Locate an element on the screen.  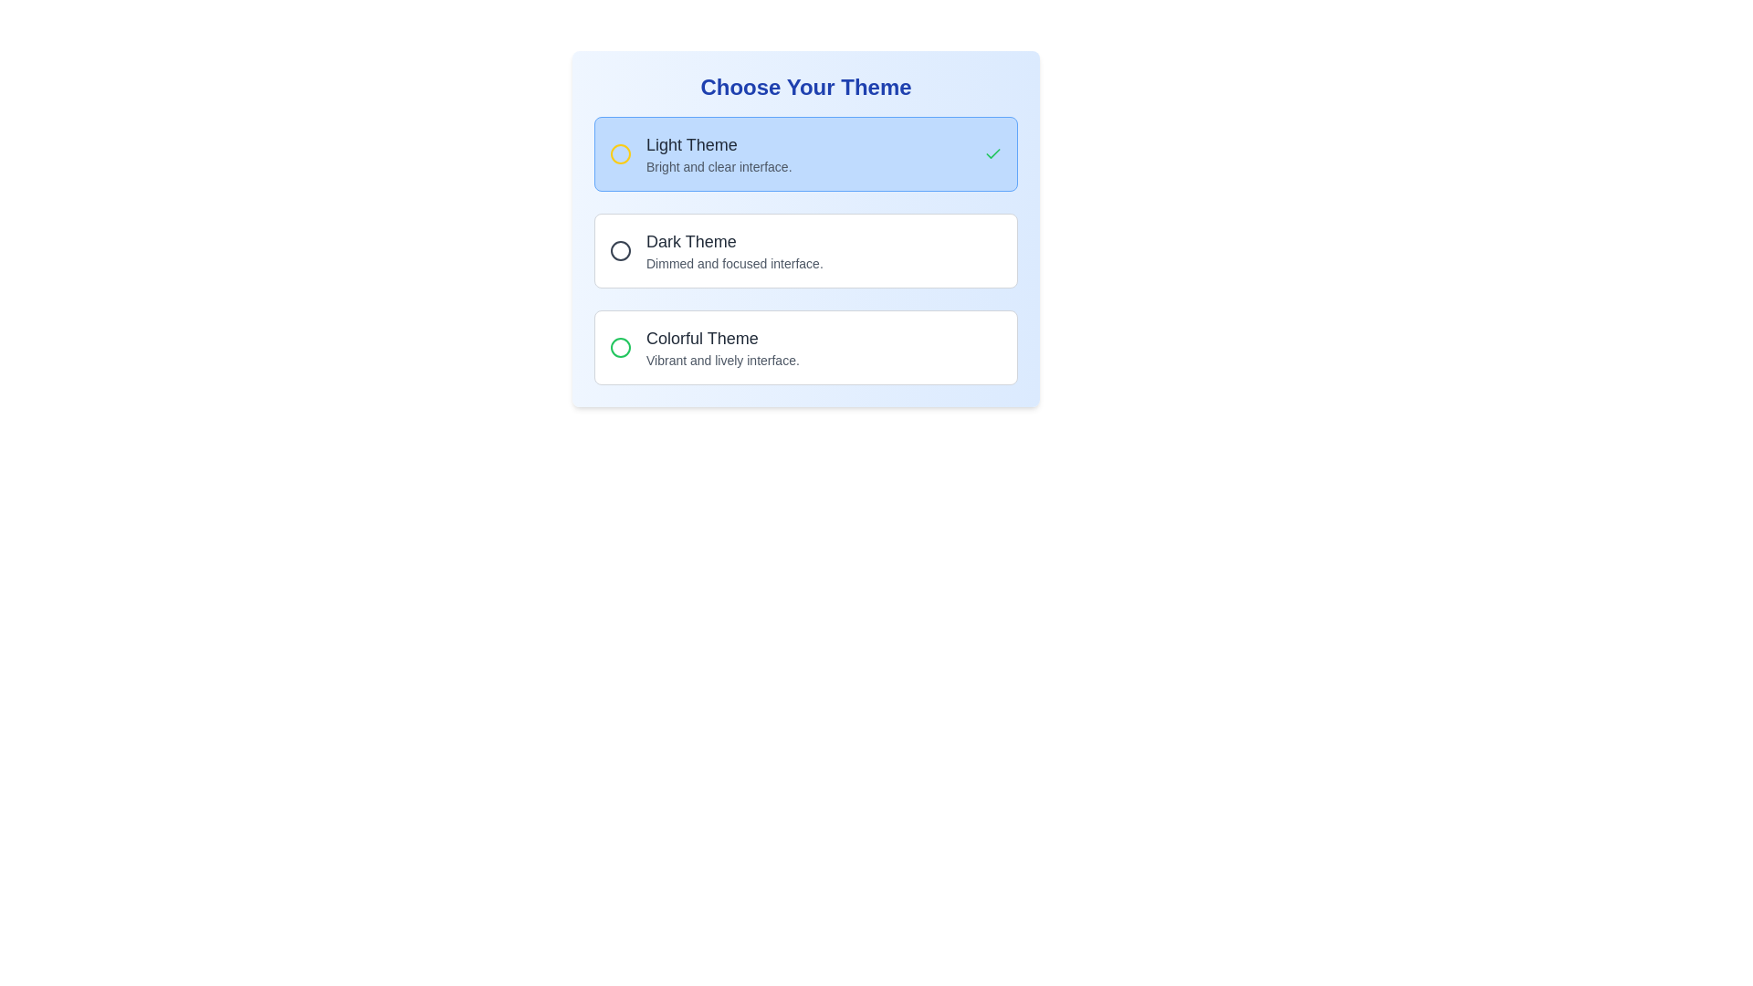
the 'Dark Theme' radio button in the theme selector is located at coordinates (715, 250).